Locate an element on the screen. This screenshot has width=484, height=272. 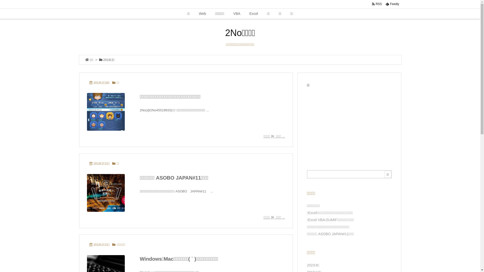
'  Feedly ' is located at coordinates (383, 4).